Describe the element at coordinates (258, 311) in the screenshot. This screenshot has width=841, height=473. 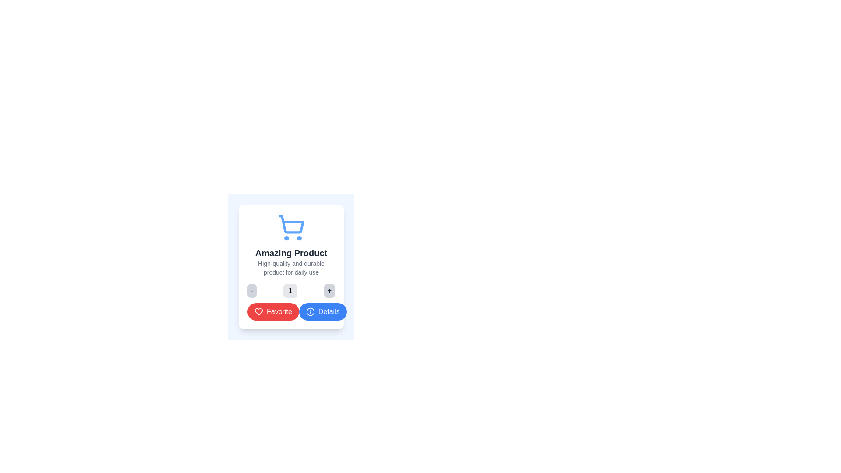
I see `the heart icon representing the 'favorite' action` at that location.